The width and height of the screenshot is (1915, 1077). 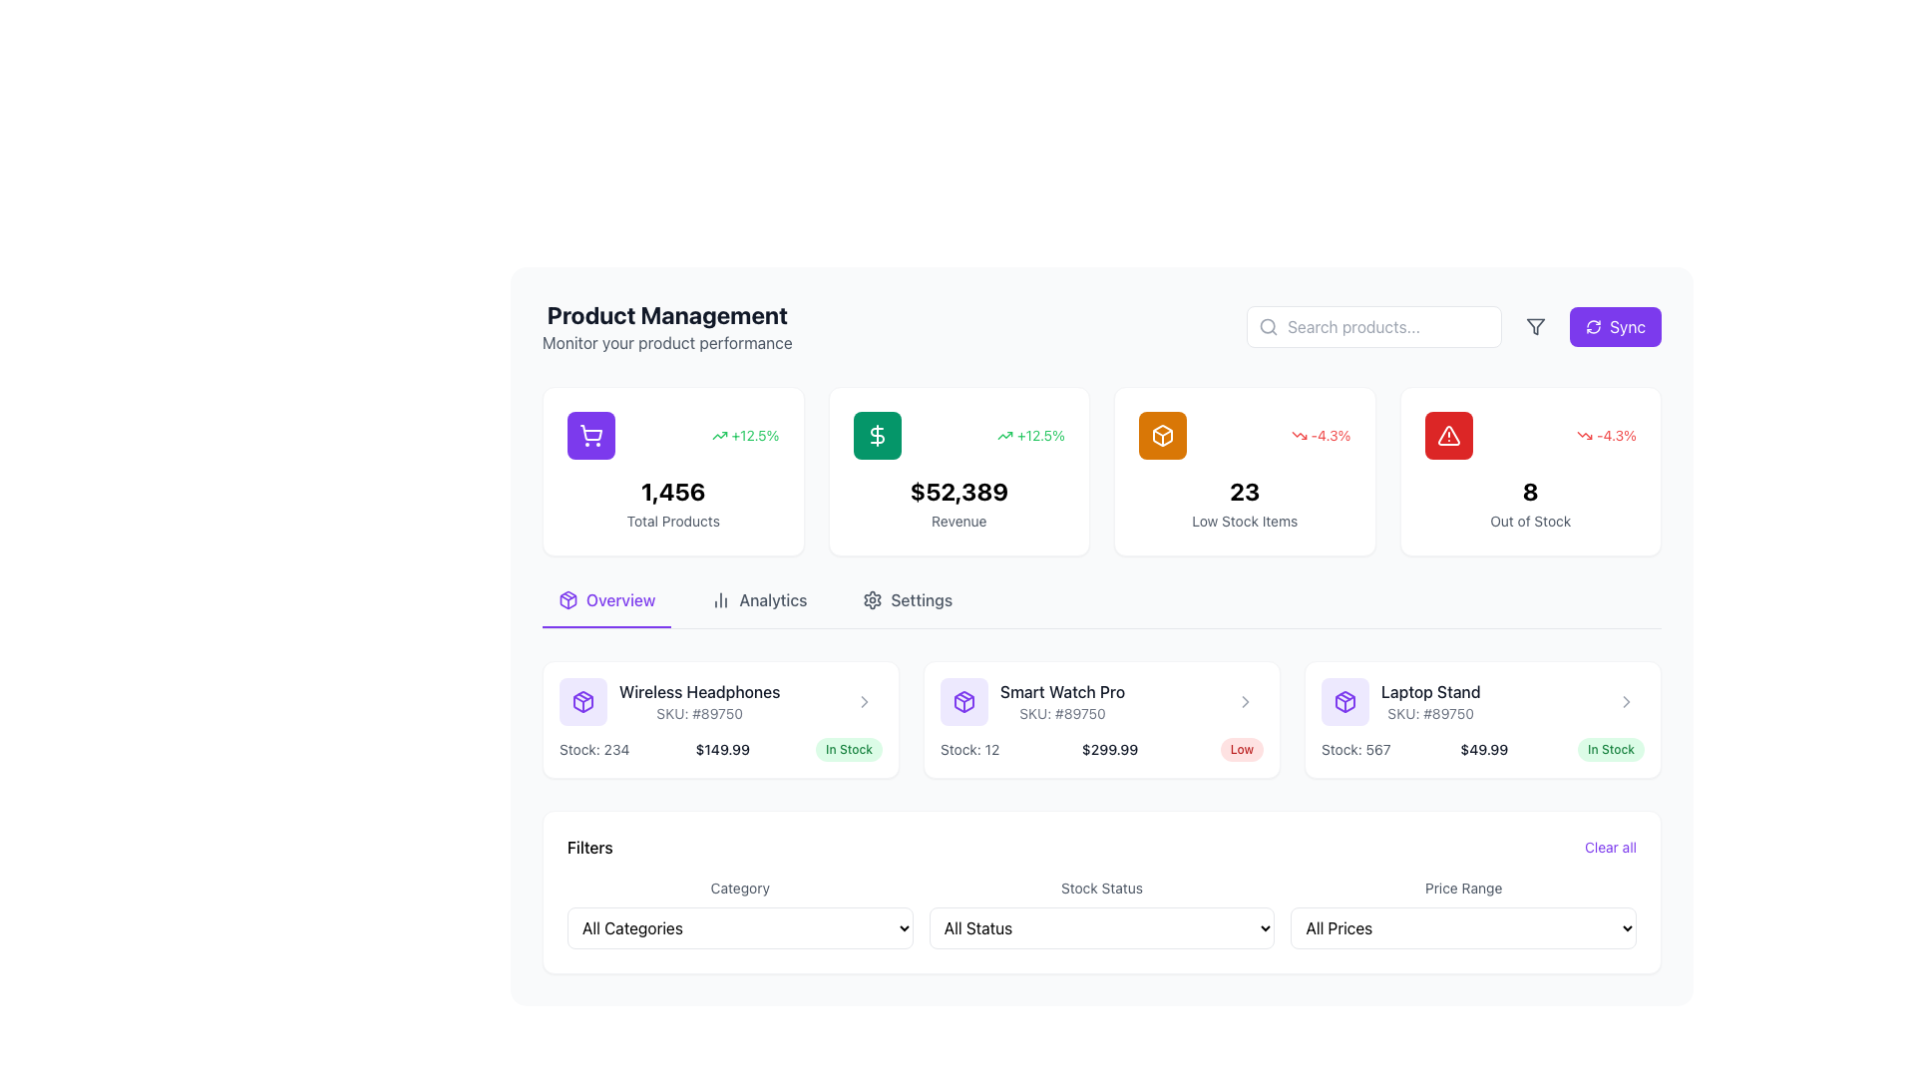 What do you see at coordinates (1267, 325) in the screenshot?
I see `the SVG Circle Graphic that forms the lens of the magnifying glass in the search icon` at bounding box center [1267, 325].